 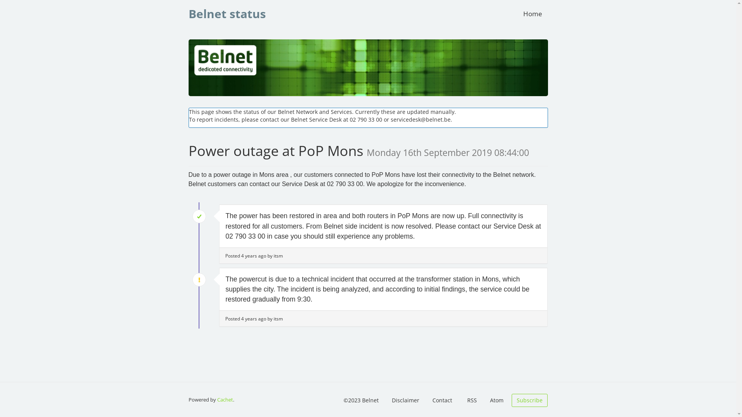 What do you see at coordinates (497, 400) in the screenshot?
I see `'Atom'` at bounding box center [497, 400].